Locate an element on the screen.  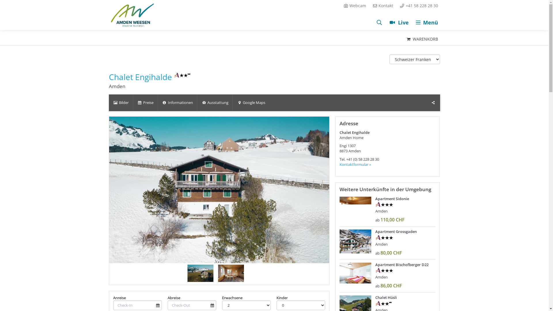
'+41 58 228 28 30' is located at coordinates (419, 6).